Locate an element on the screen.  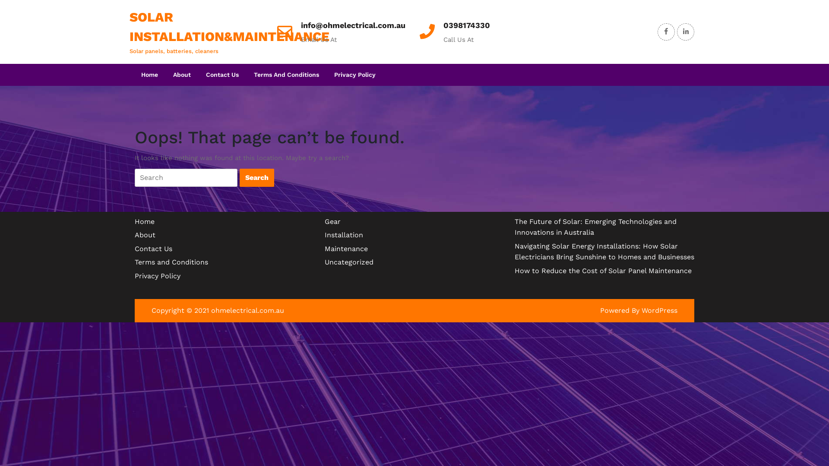
'Contact Us' is located at coordinates (199, 74).